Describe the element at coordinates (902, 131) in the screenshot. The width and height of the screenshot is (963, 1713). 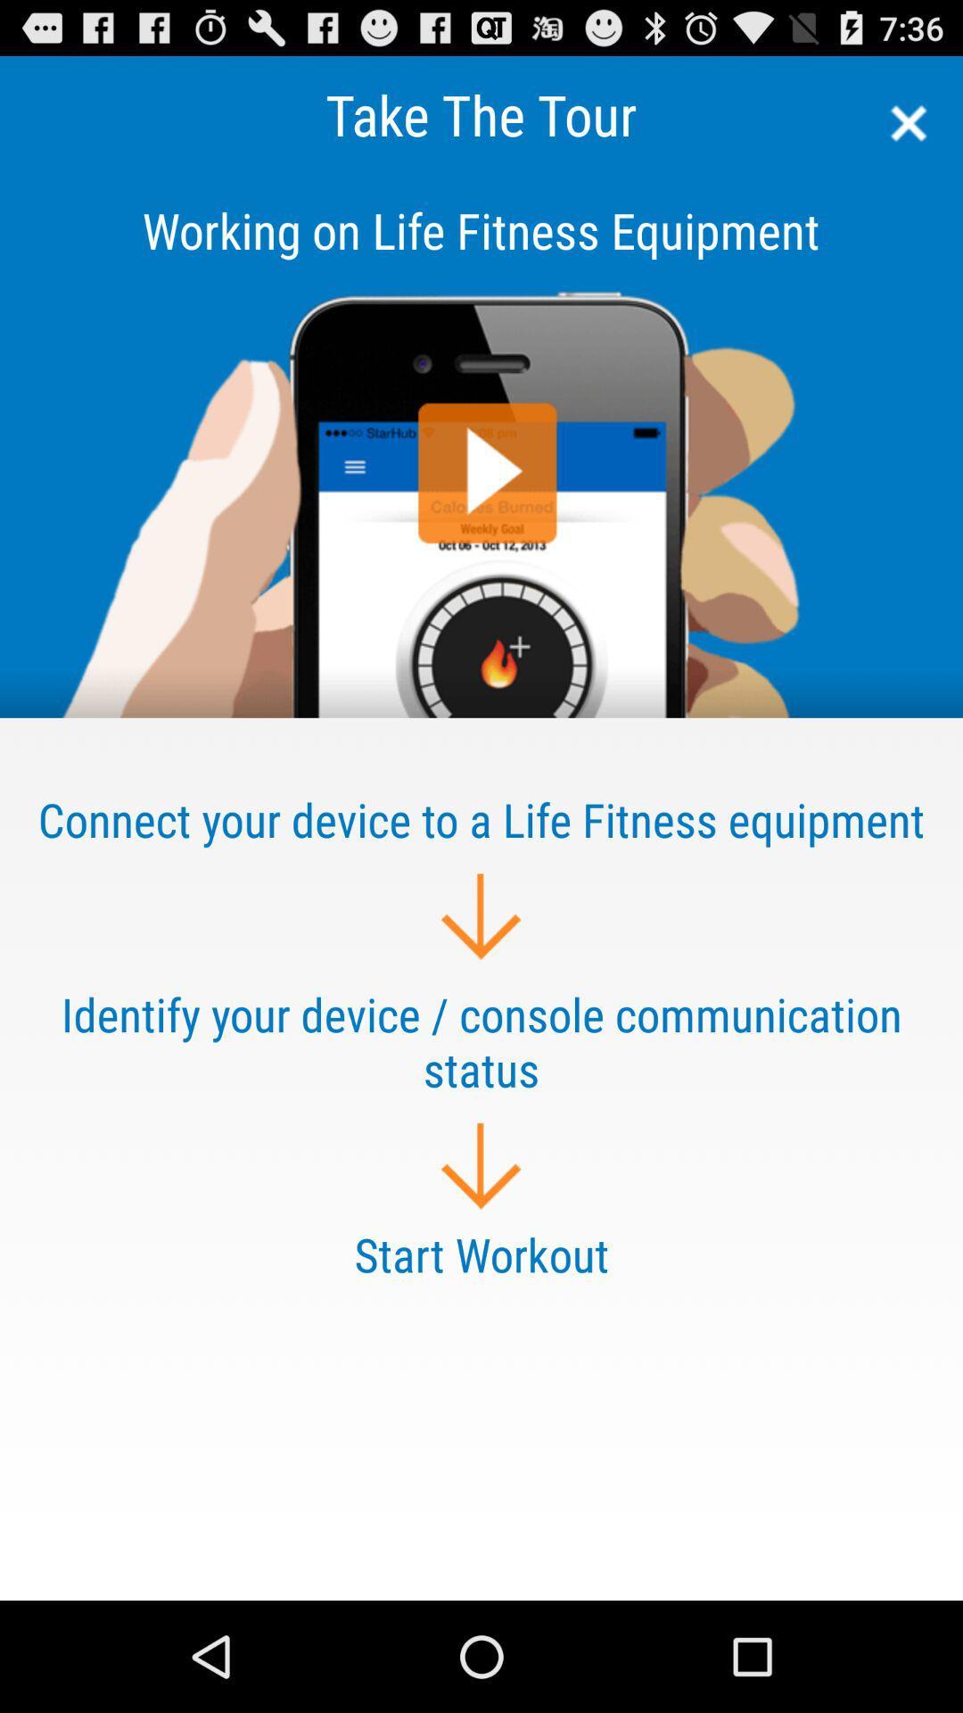
I see `the close icon` at that location.